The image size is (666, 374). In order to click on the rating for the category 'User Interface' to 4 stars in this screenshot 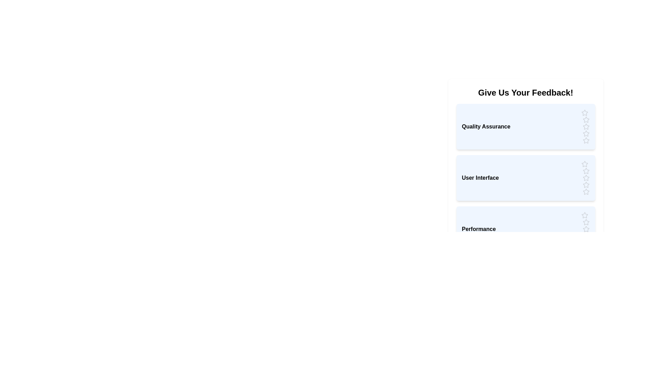, I will do `click(586, 184)`.